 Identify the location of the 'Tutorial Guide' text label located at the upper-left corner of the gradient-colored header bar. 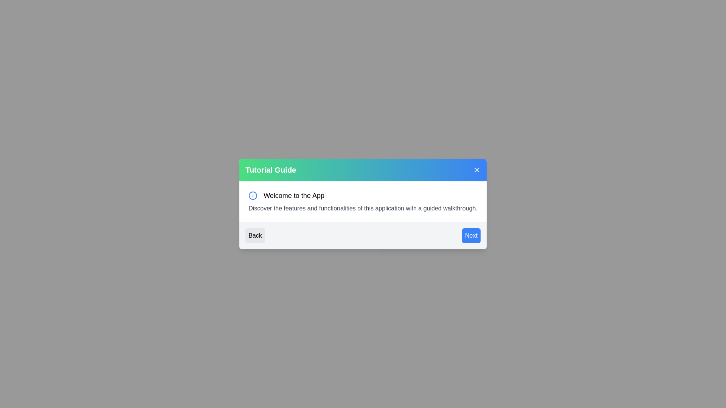
(271, 170).